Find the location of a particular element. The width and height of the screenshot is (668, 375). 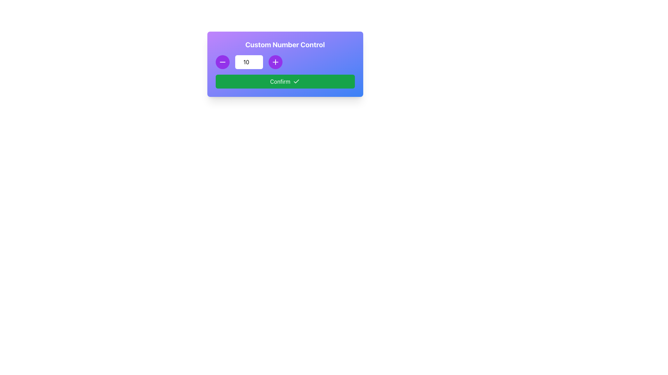

the circular button containing the minus icon with a purple background, which is positioned to the left of the number input box in the 'Custom Number Control' interface is located at coordinates (222, 61).